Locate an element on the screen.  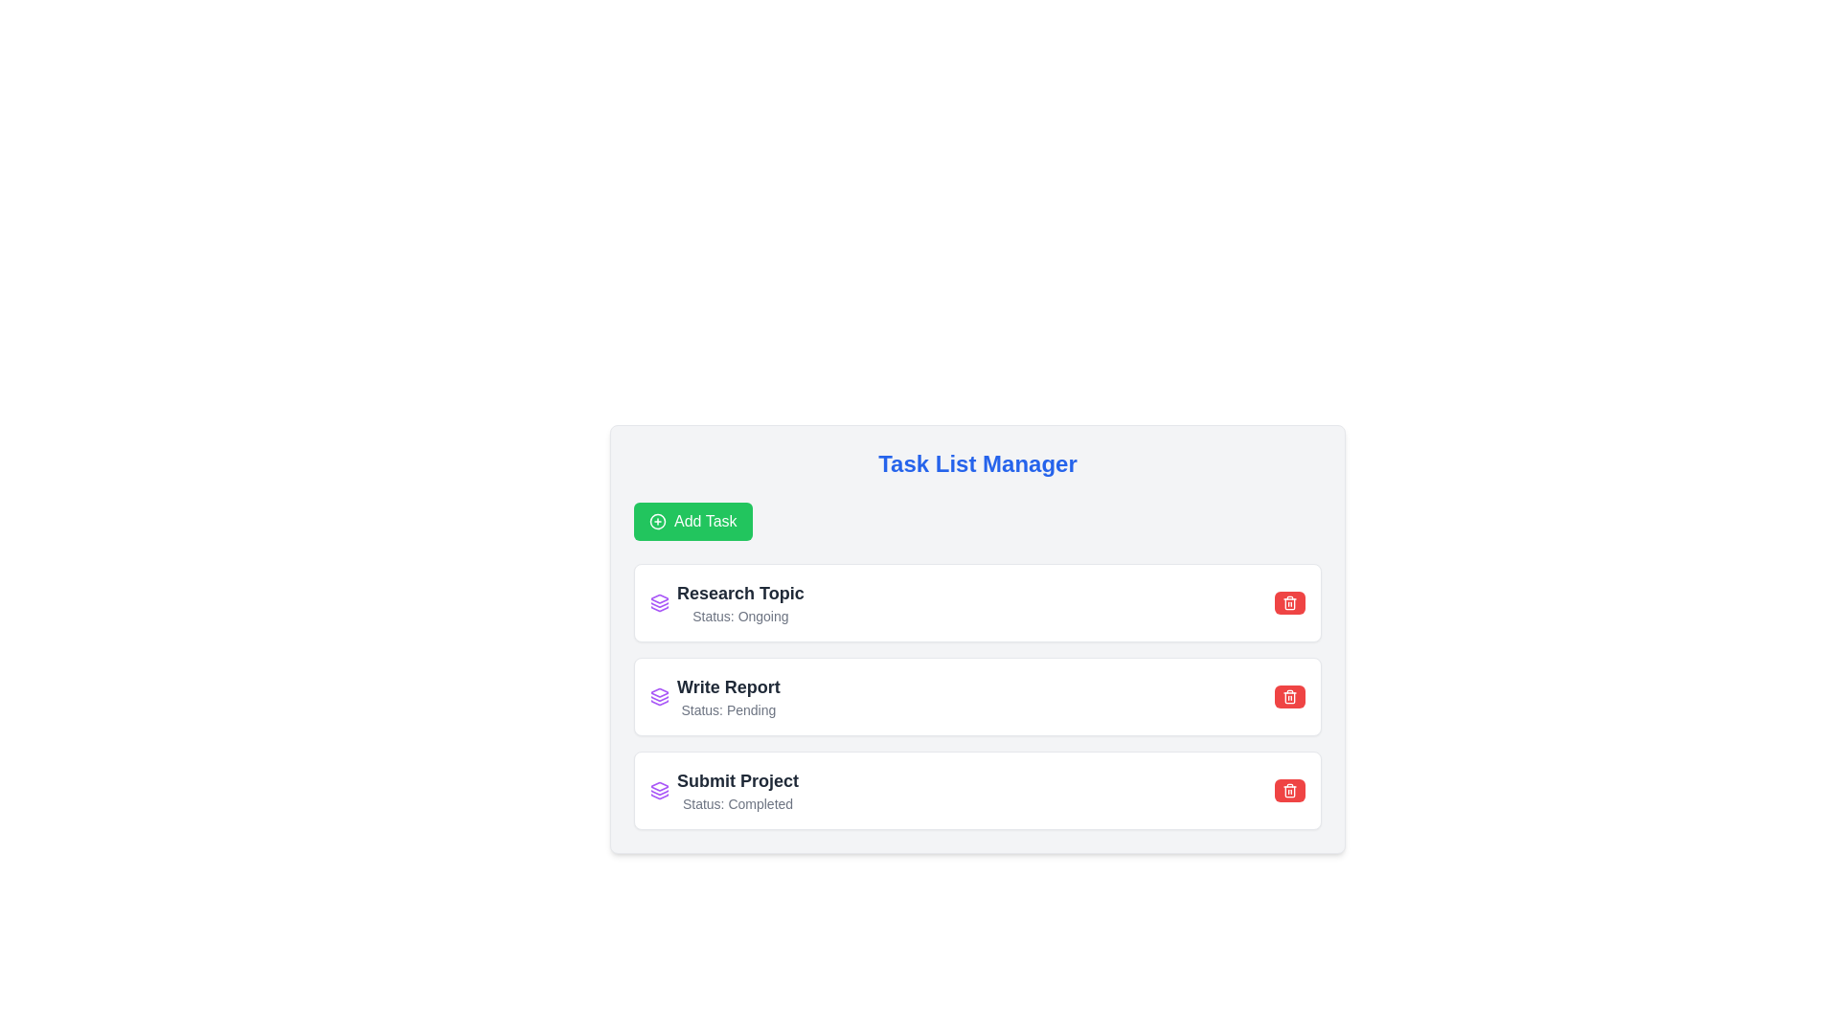
the visual cue provided by the task addition icon located on the left side of the 'Add Task' button in the Task List Manager interface is located at coordinates (657, 521).